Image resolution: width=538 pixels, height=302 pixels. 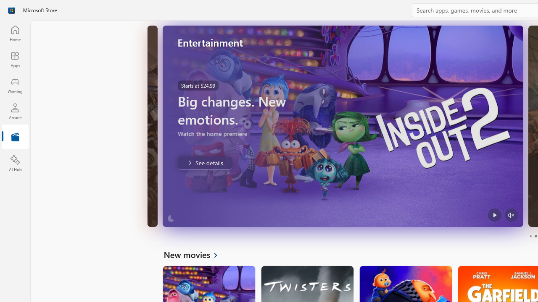 I want to click on 'Unmute', so click(x=511, y=215).